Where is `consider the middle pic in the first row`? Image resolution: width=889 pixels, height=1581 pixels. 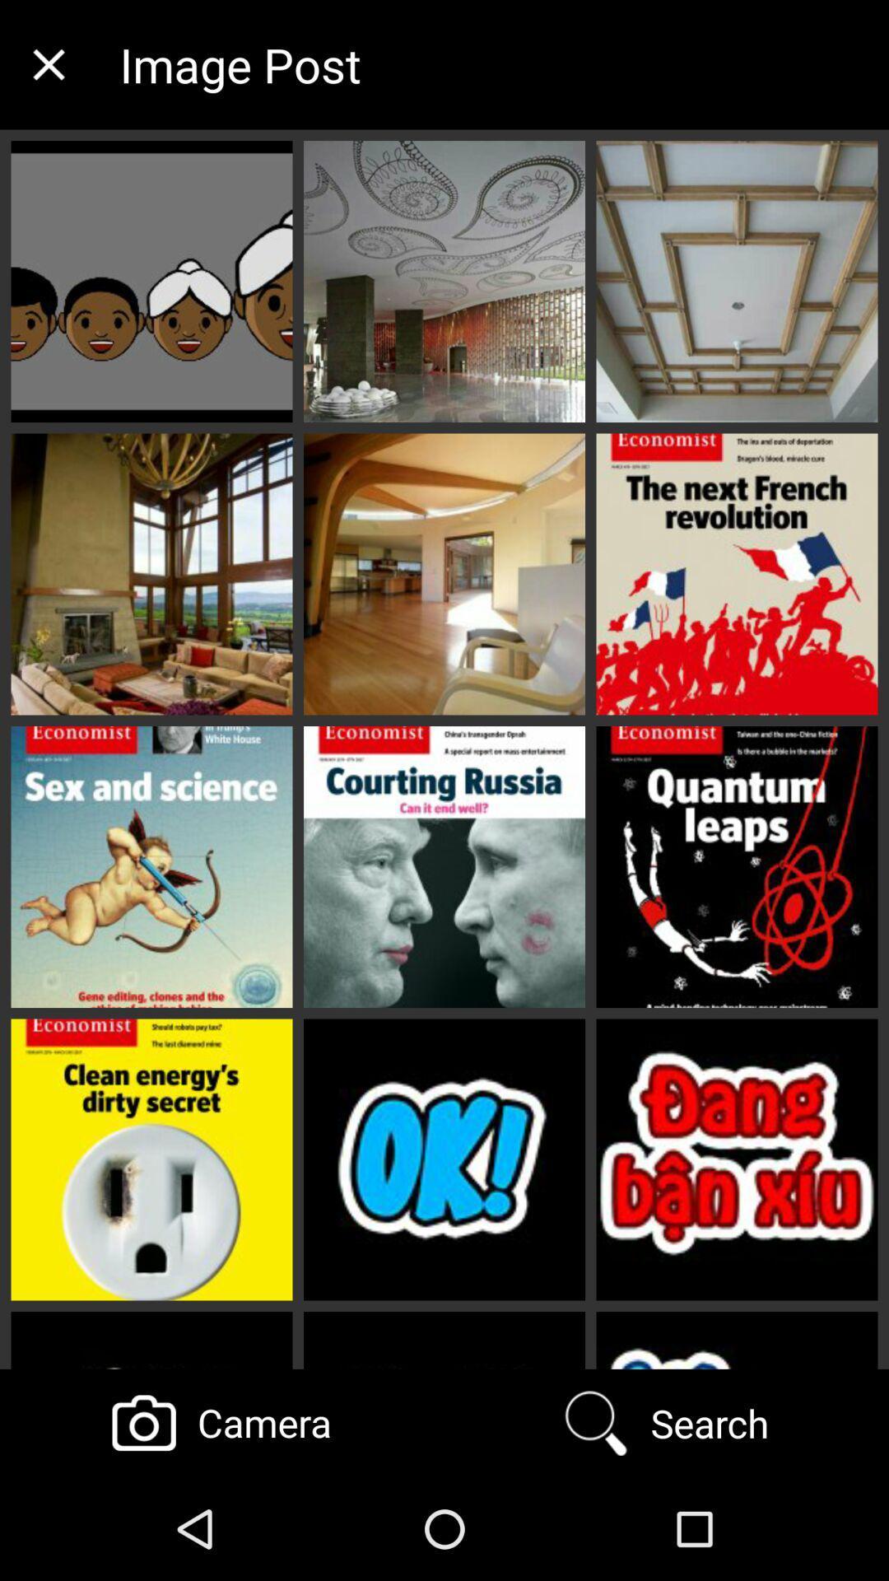
consider the middle pic in the first row is located at coordinates (444, 281).